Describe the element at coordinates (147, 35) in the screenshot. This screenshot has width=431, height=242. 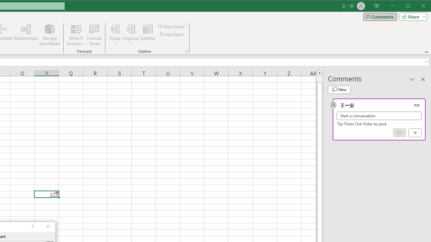
I see `'Subtotal'` at that location.